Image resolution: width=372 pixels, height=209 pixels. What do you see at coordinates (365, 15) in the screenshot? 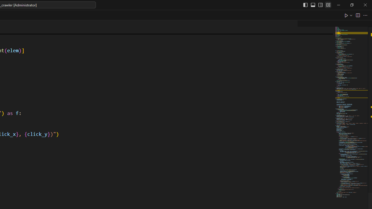
I see `'More Actions...'` at bounding box center [365, 15].